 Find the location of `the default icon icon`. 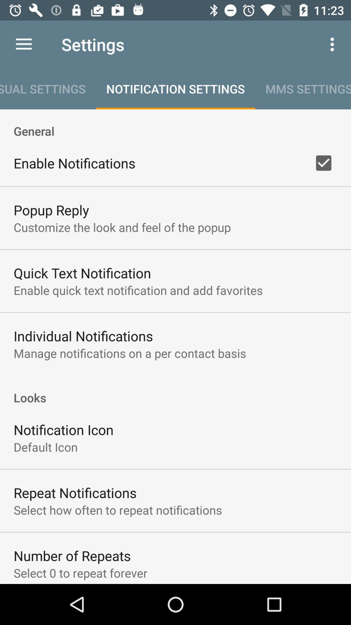

the default icon icon is located at coordinates (45, 447).